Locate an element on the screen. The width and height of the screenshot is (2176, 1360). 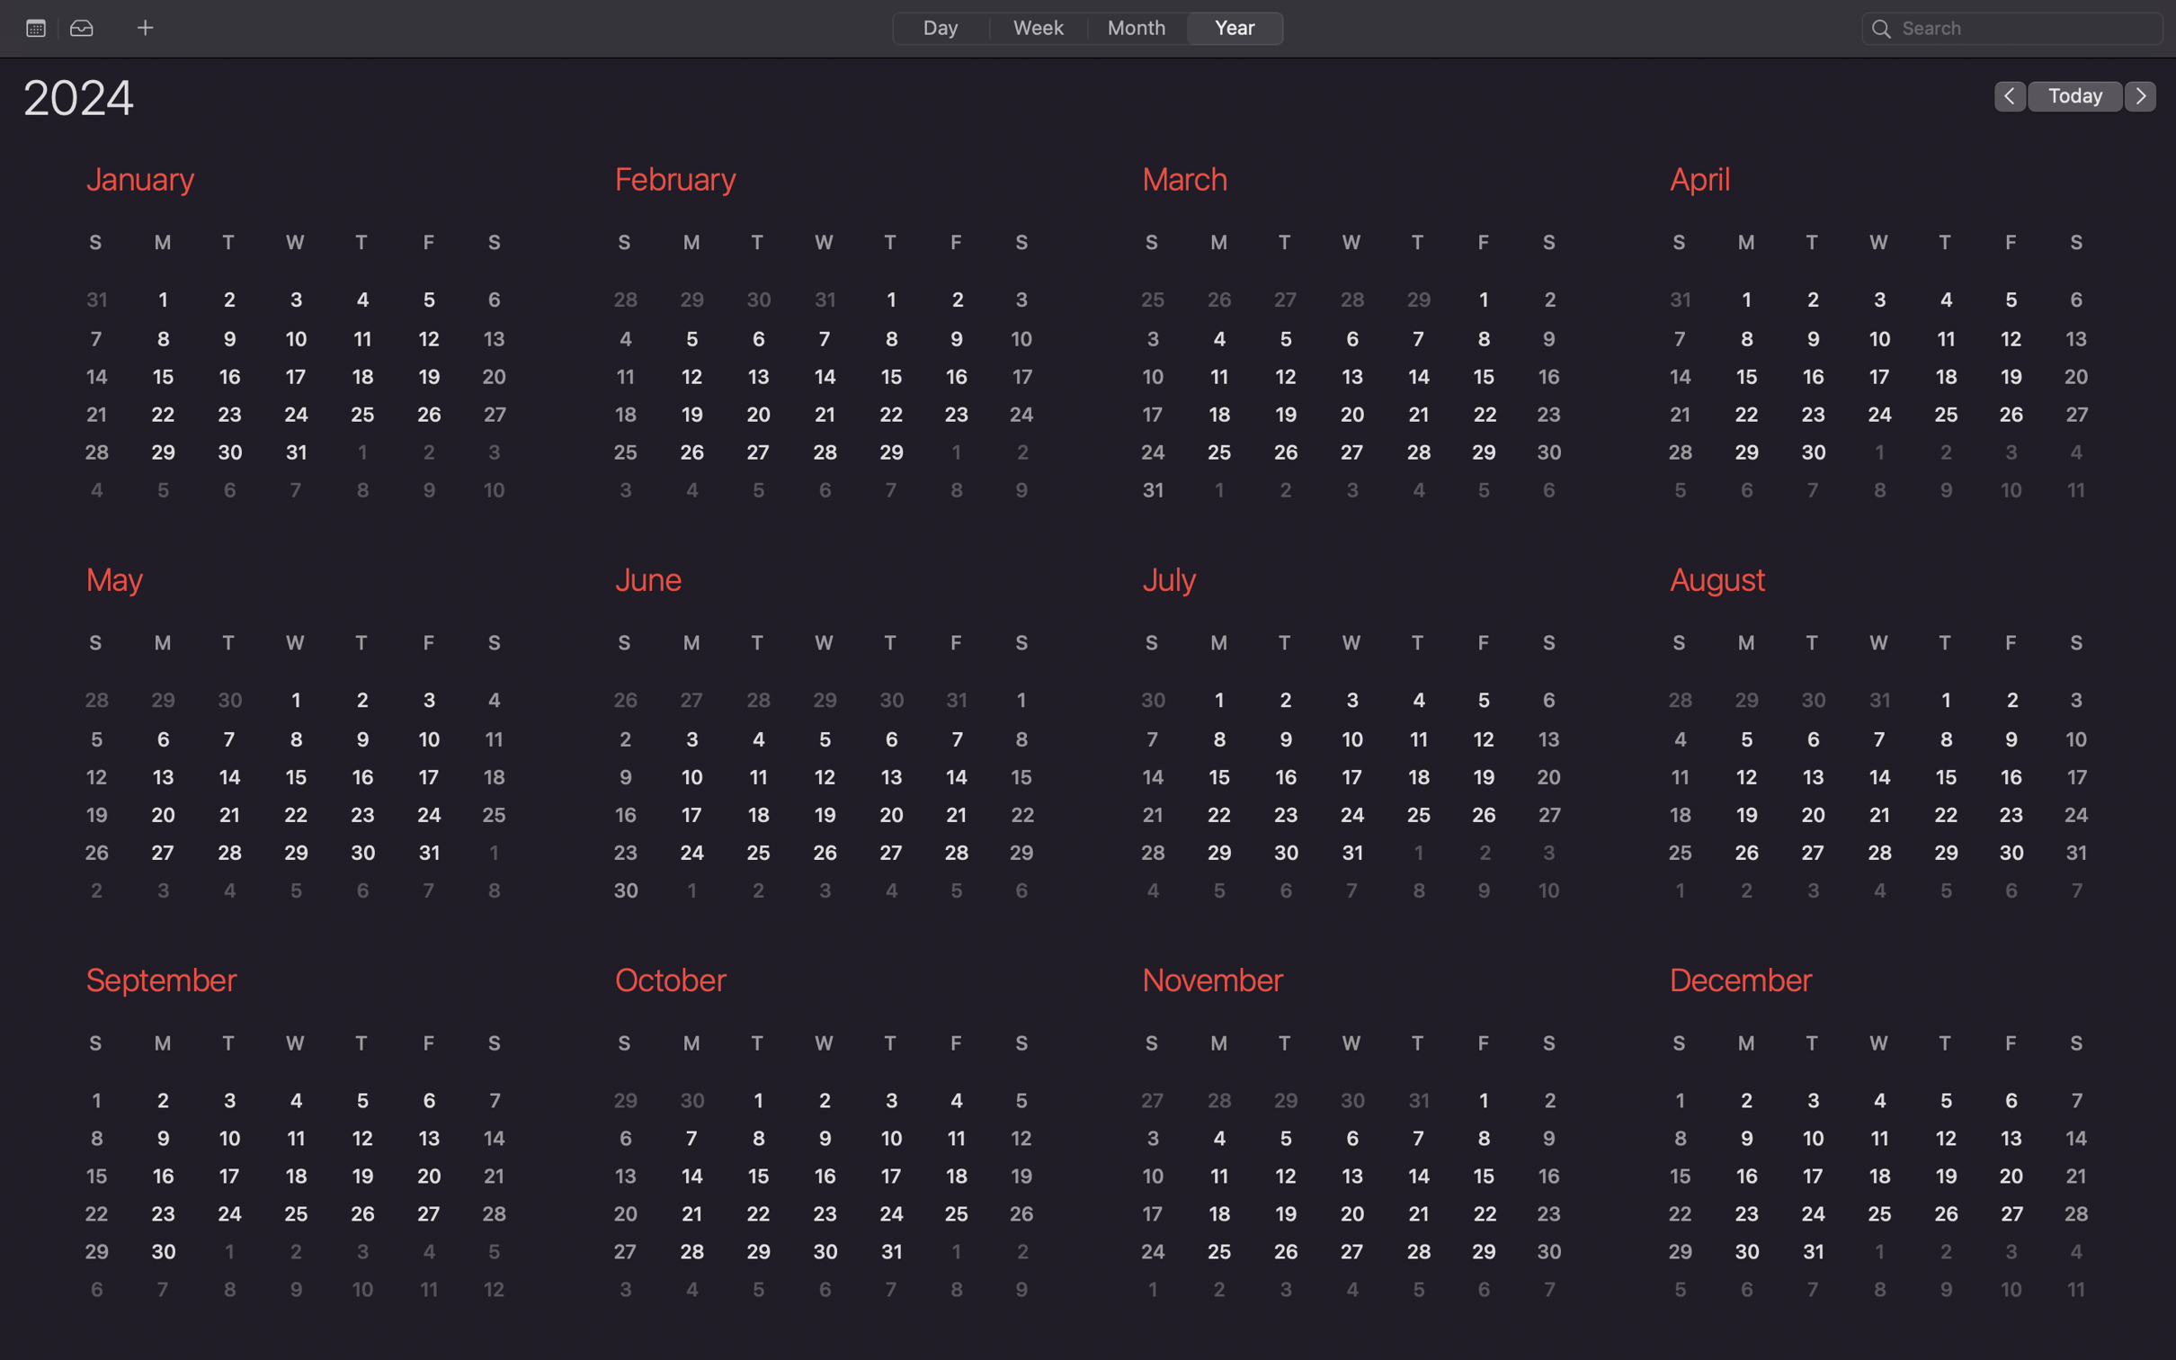
the calendar of October month is located at coordinates (821, 1140).